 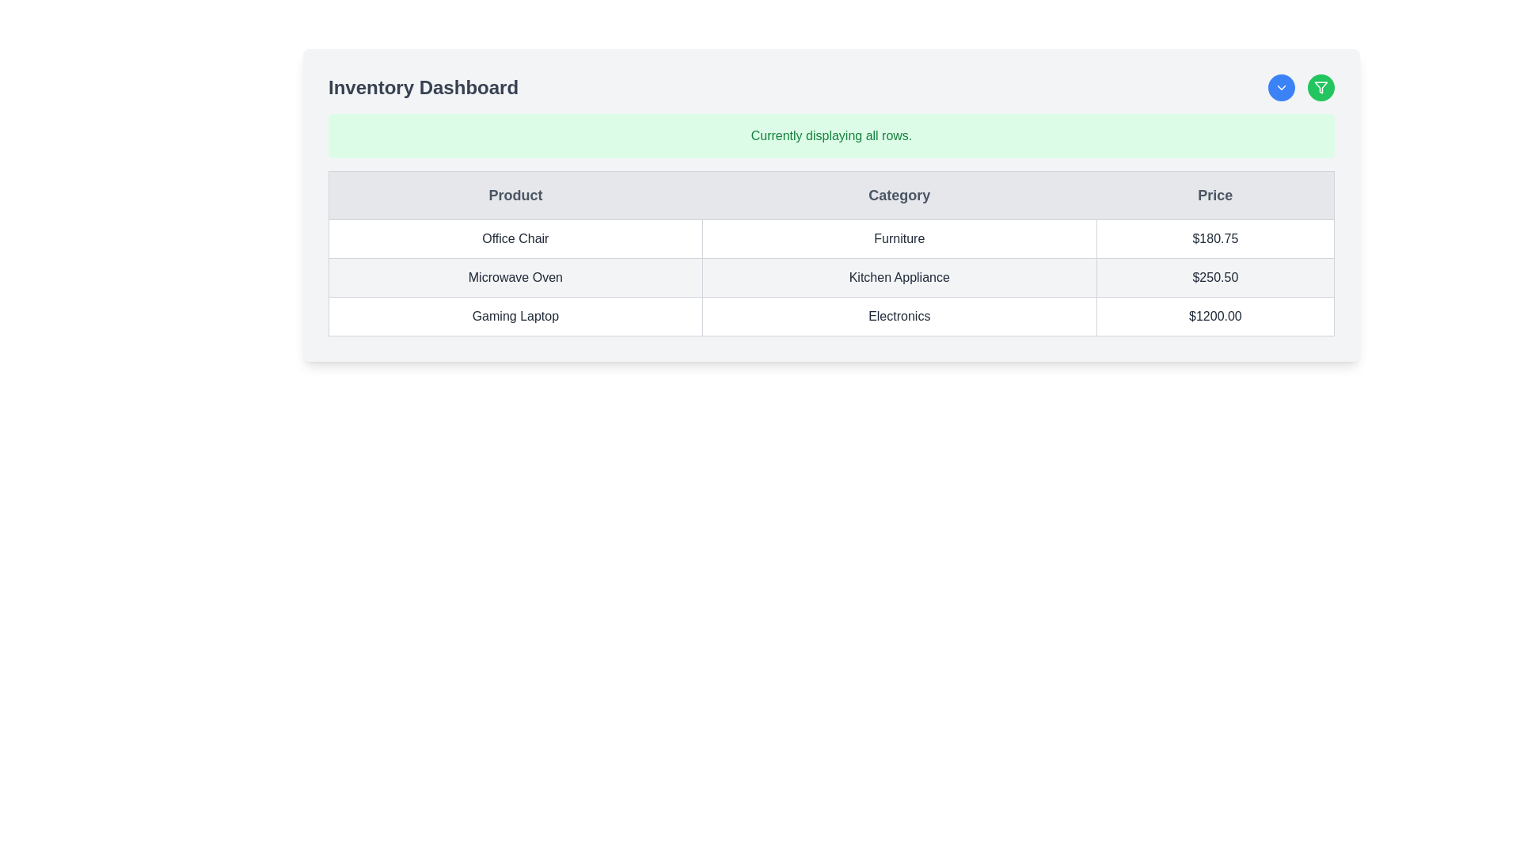 What do you see at coordinates (1321, 88) in the screenshot?
I see `the filter button, the second button in the horizontal group at the top-right corner of the interface` at bounding box center [1321, 88].